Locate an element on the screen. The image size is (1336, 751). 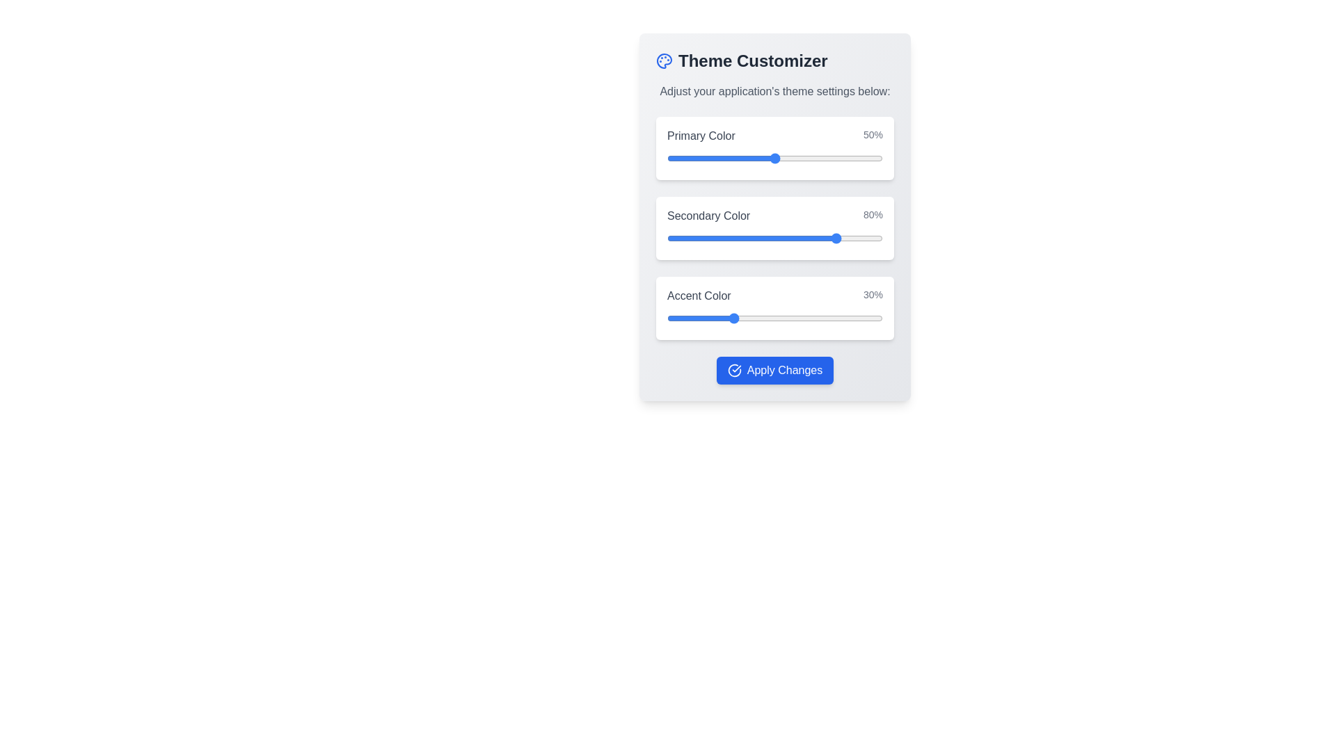
the secondary color value is located at coordinates (763, 238).